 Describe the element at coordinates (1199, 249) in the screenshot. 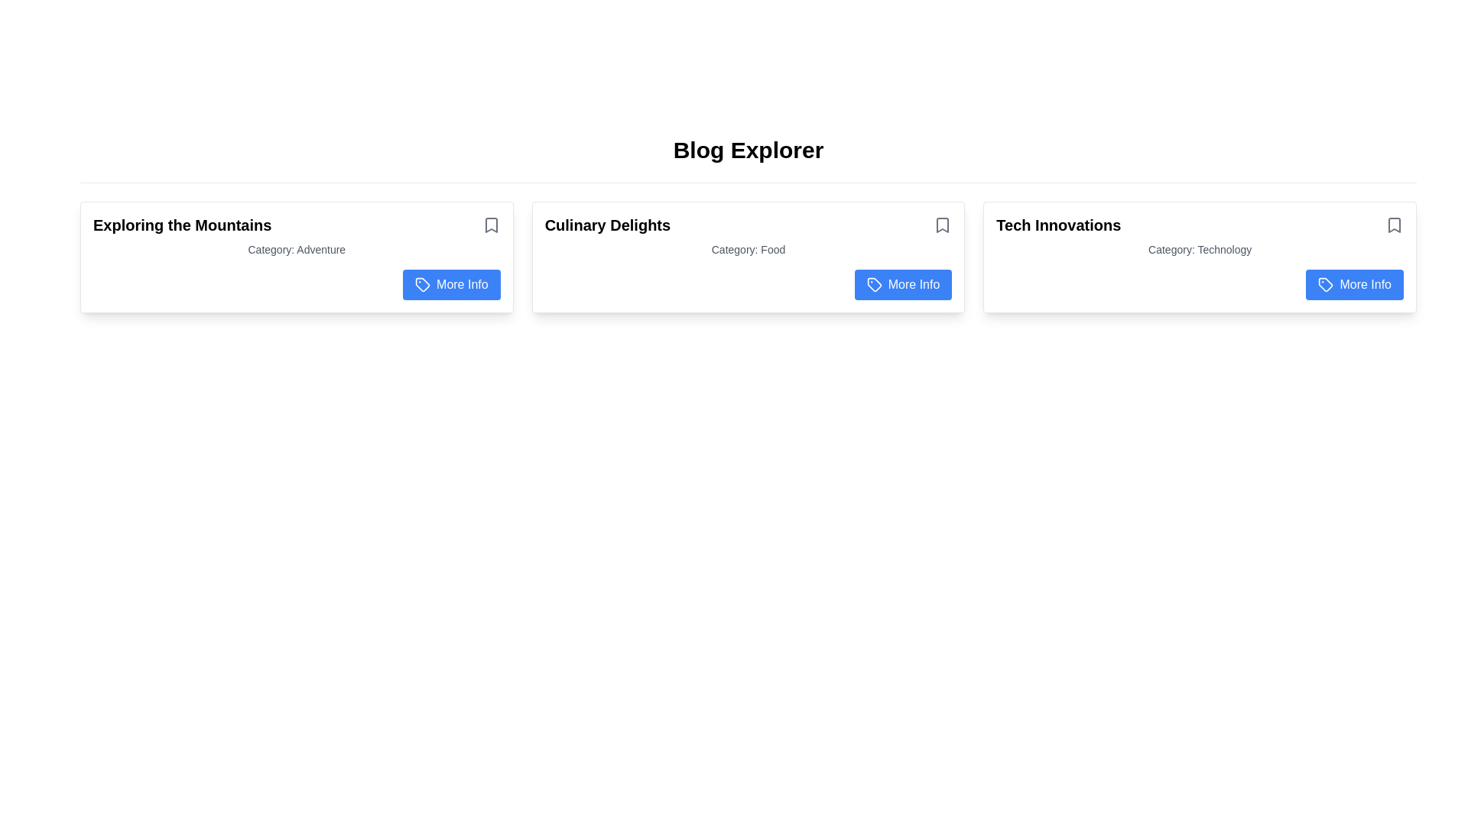

I see `text label reading 'Category: Technology', which is located below the title 'Tech Innovations' within the bordered card component` at that location.